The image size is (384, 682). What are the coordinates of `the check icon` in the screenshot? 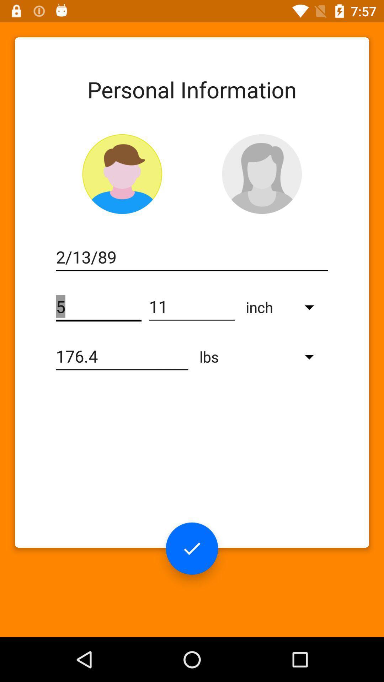 It's located at (192, 548).